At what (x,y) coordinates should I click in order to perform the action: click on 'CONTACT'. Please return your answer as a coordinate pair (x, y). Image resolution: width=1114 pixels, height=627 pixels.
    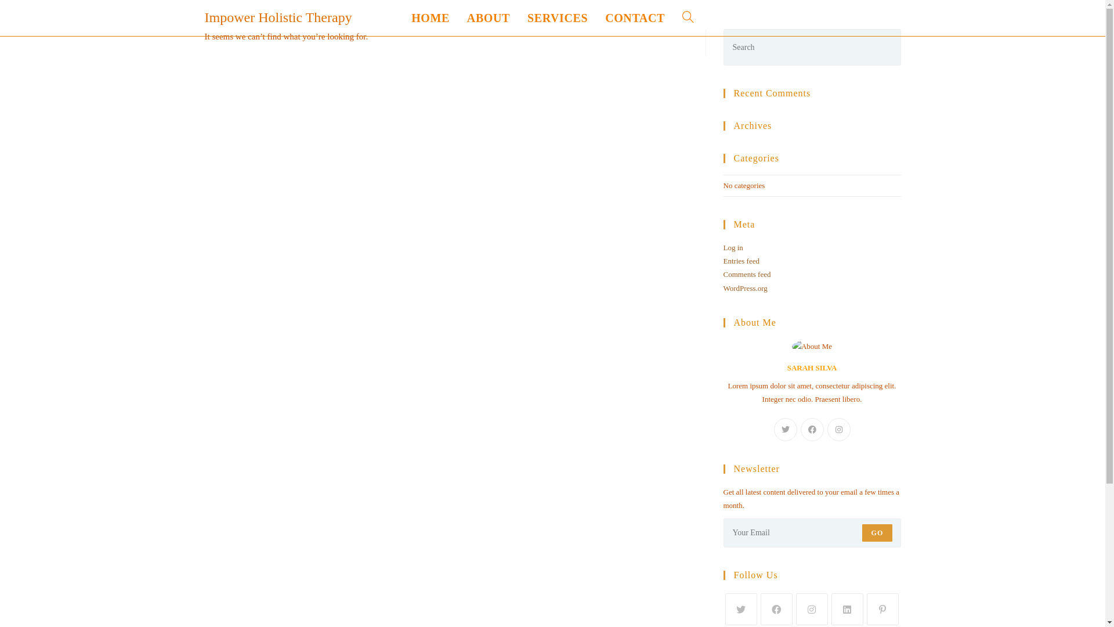
    Looking at the image, I should click on (634, 17).